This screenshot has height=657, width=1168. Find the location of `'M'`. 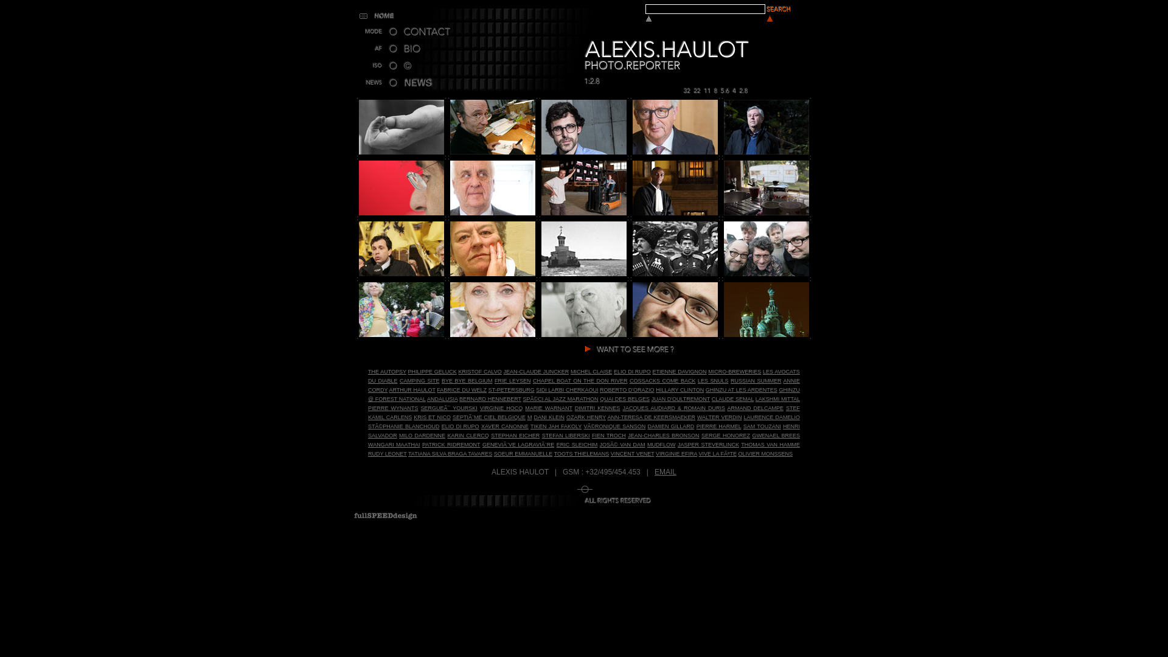

'M' is located at coordinates (529, 417).